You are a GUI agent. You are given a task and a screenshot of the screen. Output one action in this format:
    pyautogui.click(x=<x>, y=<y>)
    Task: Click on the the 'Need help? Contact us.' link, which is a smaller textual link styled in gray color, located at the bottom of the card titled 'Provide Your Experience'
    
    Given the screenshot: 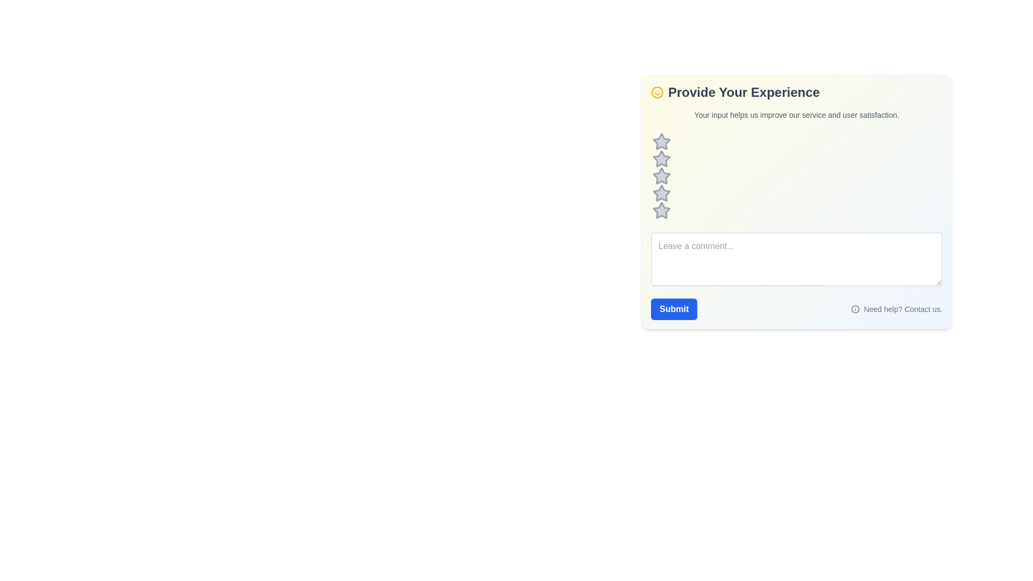 What is the action you would take?
    pyautogui.click(x=797, y=309)
    